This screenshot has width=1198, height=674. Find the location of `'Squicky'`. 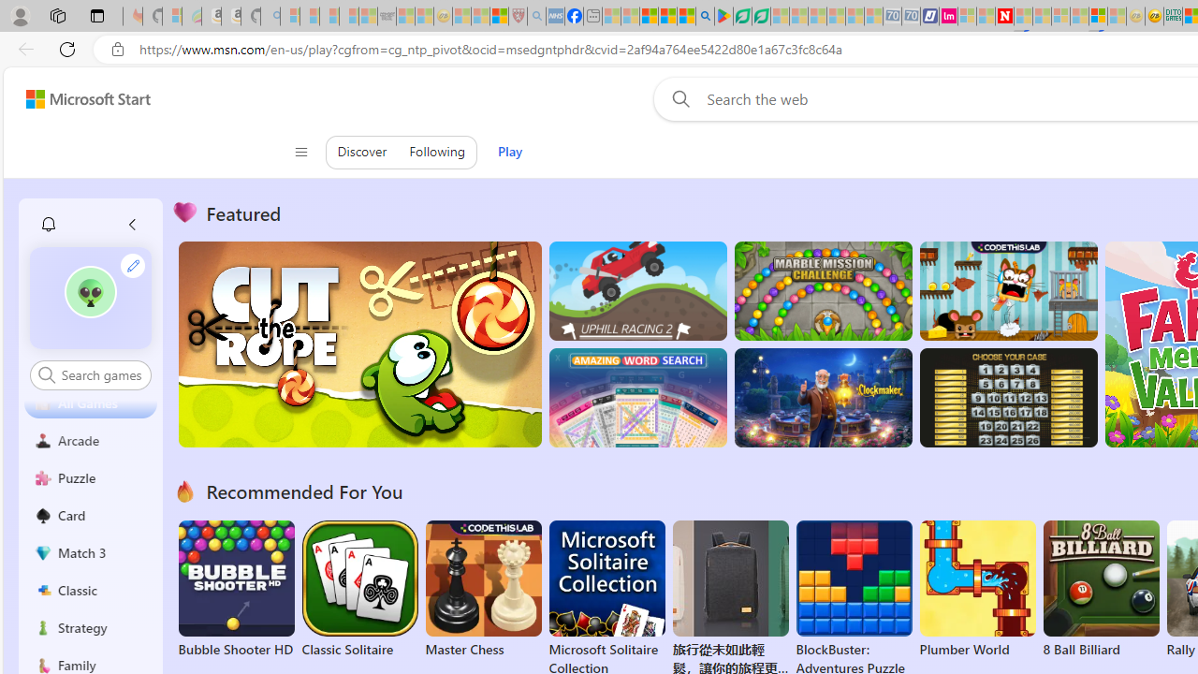

'Squicky' is located at coordinates (1007, 291).